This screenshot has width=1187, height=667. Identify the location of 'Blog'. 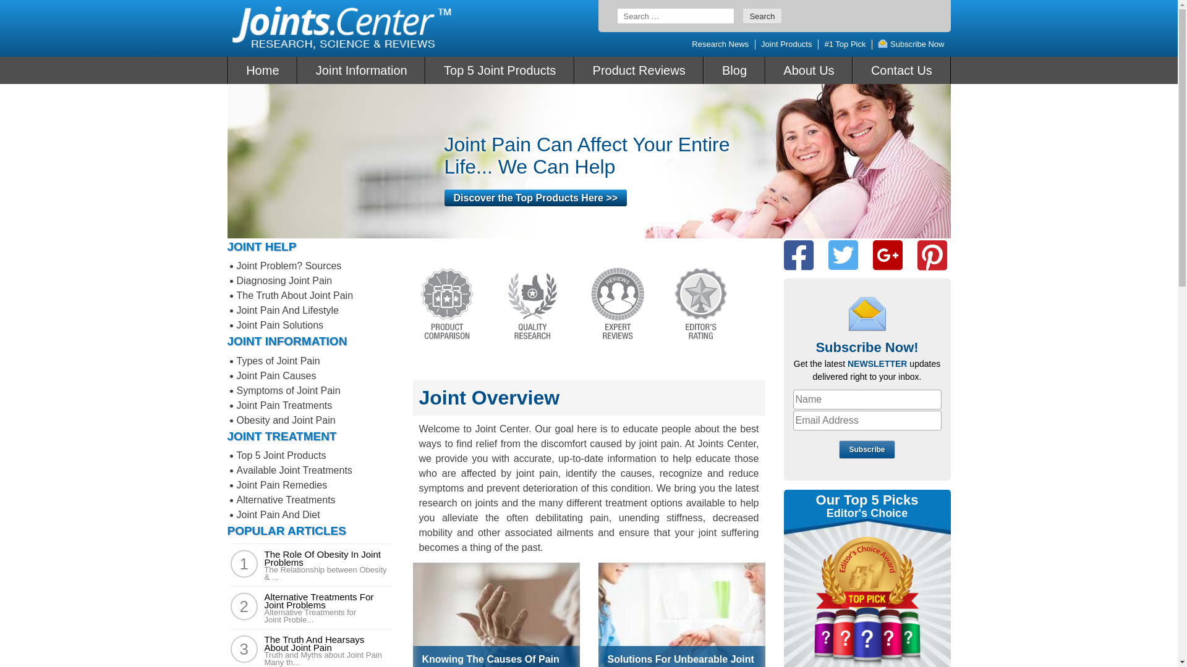
(734, 70).